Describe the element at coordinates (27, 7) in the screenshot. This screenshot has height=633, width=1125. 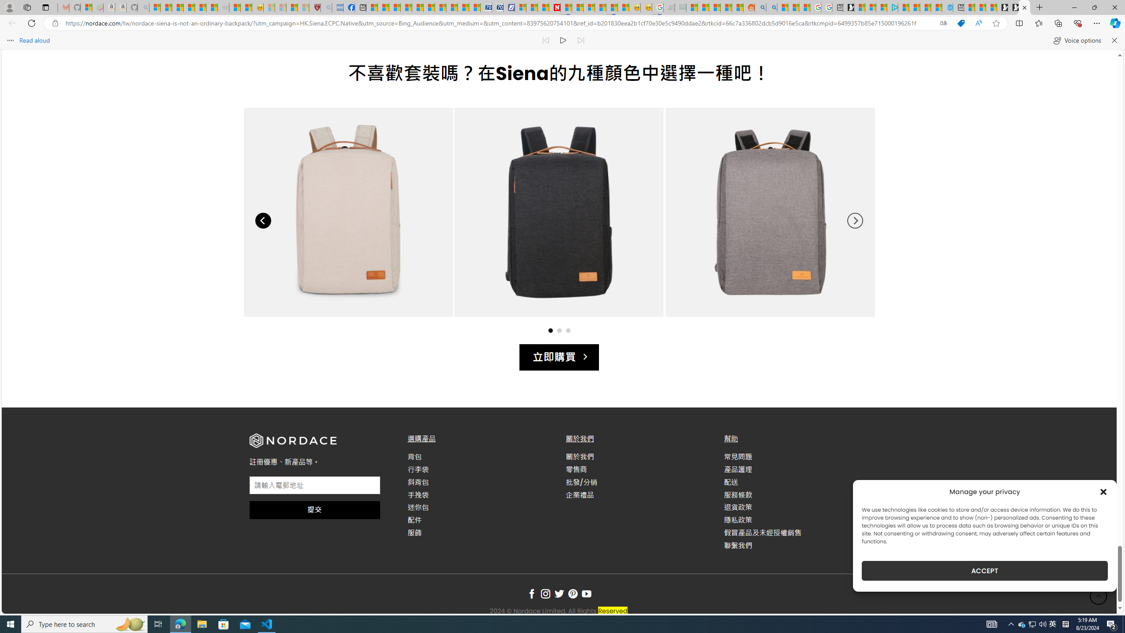
I see `'Workspaces'` at that location.